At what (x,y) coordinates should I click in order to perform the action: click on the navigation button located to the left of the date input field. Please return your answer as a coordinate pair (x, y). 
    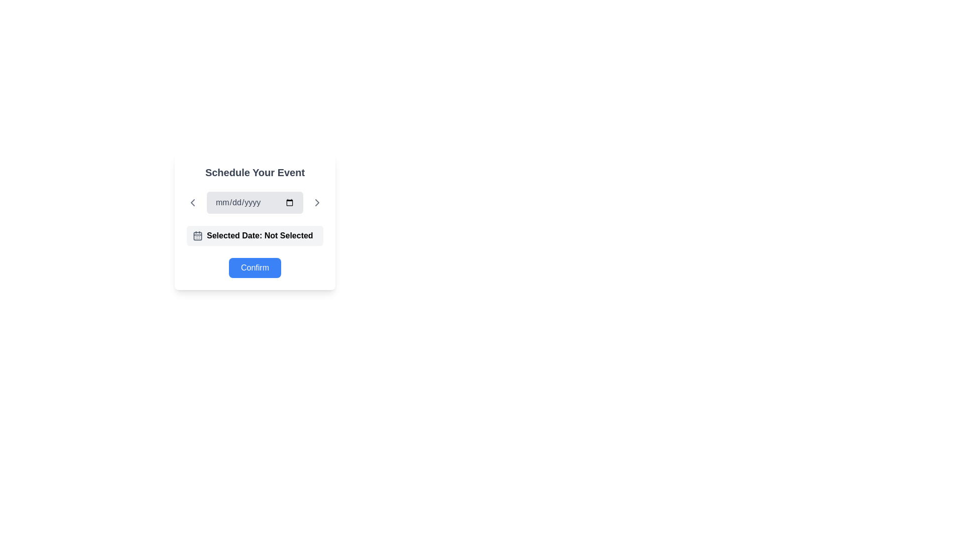
    Looking at the image, I should click on (193, 203).